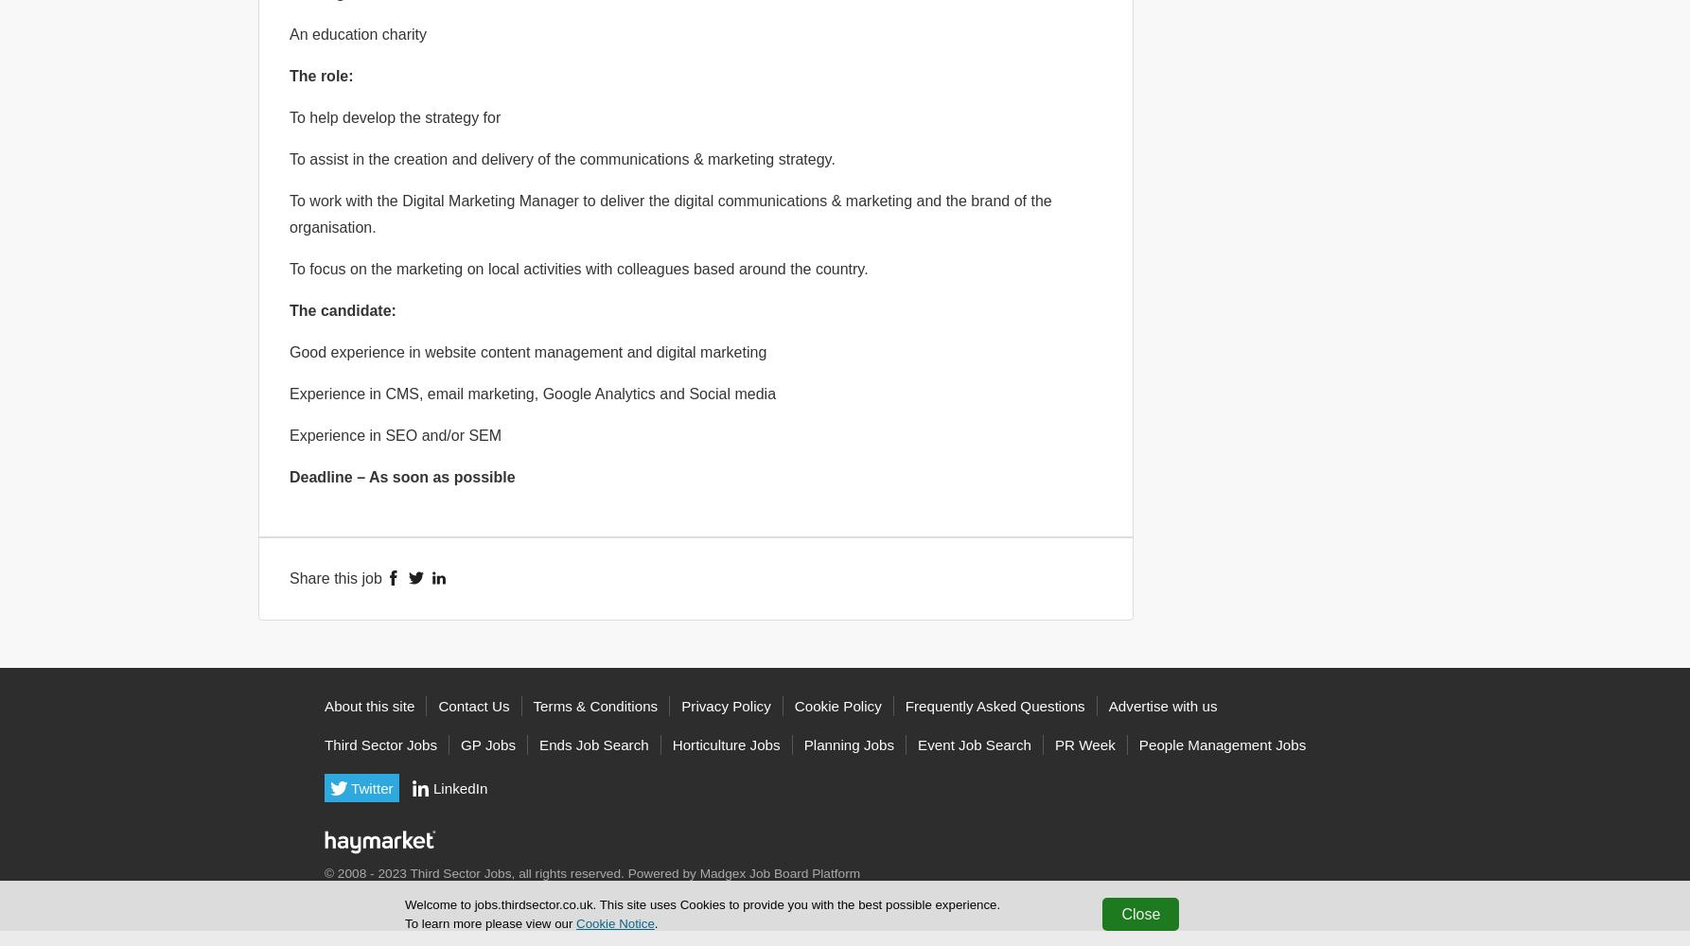 Image resolution: width=1690 pixels, height=946 pixels. I want to click on 'Cookie Policy', so click(836, 704).